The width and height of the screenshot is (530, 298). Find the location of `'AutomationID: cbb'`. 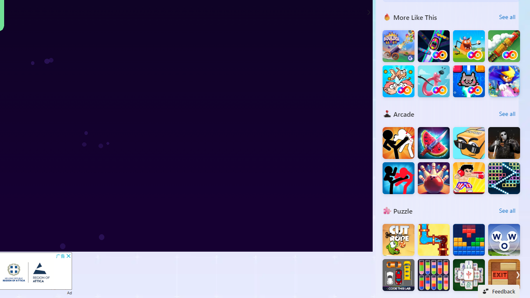

'AutomationID: cbb' is located at coordinates (68, 255).